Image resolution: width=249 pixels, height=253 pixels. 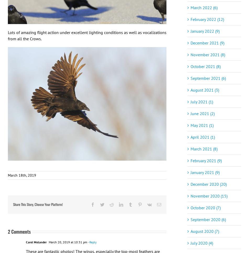 What do you see at coordinates (201, 101) in the screenshot?
I see `'July 2021 (1)'` at bounding box center [201, 101].